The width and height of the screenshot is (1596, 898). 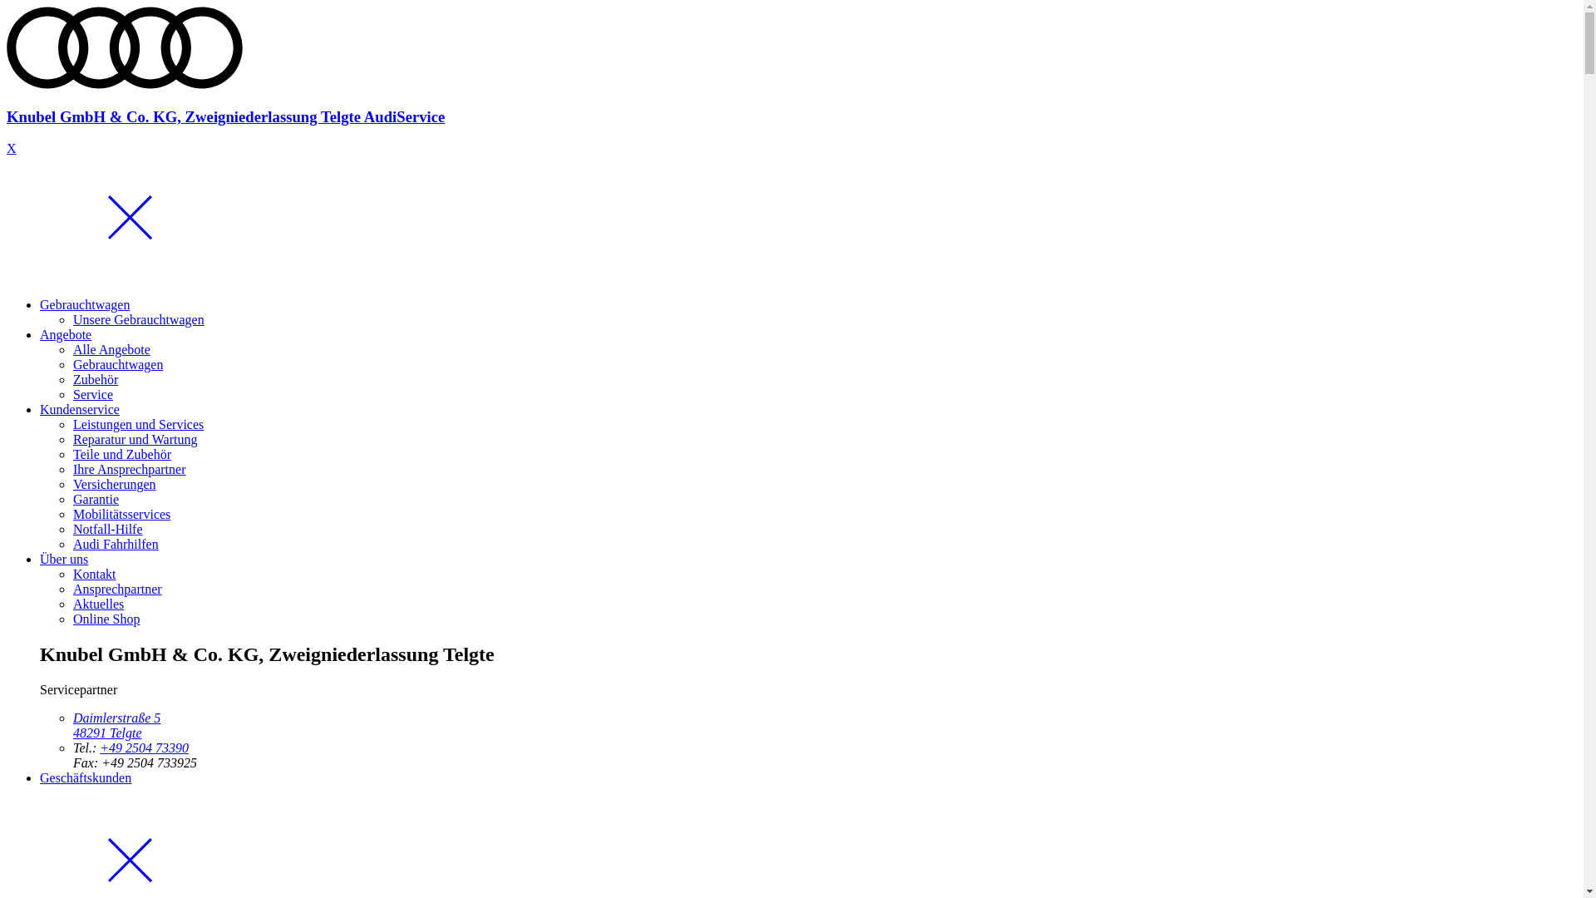 What do you see at coordinates (106, 619) in the screenshot?
I see `'Online Shop'` at bounding box center [106, 619].